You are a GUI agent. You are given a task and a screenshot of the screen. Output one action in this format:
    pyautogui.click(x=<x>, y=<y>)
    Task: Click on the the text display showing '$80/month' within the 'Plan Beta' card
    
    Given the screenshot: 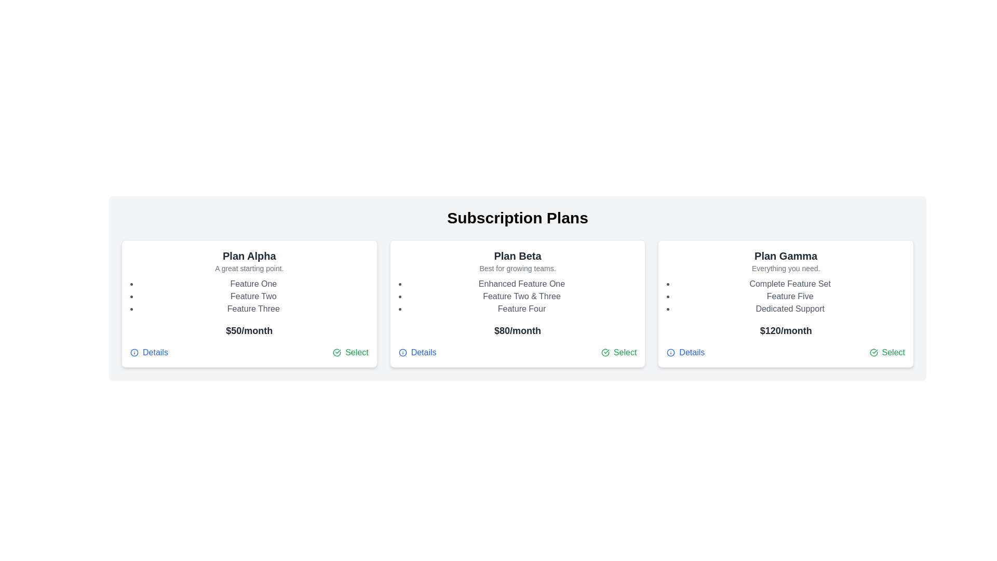 What is the action you would take?
    pyautogui.click(x=518, y=330)
    